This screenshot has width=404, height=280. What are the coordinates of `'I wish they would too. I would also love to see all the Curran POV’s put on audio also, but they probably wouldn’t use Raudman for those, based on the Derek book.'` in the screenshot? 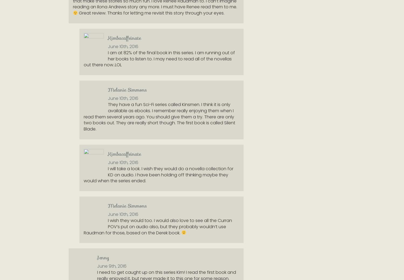 It's located at (158, 226).